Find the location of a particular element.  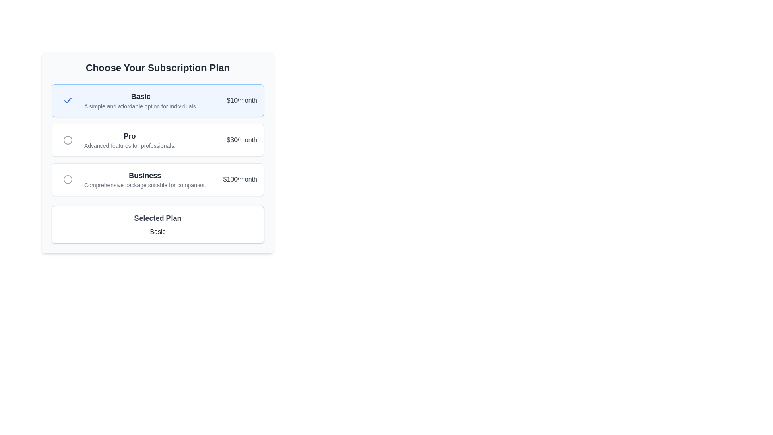

the 'Pro' subscription card, which is the second card in a vertically stacked group of three subscription options is located at coordinates (158, 152).